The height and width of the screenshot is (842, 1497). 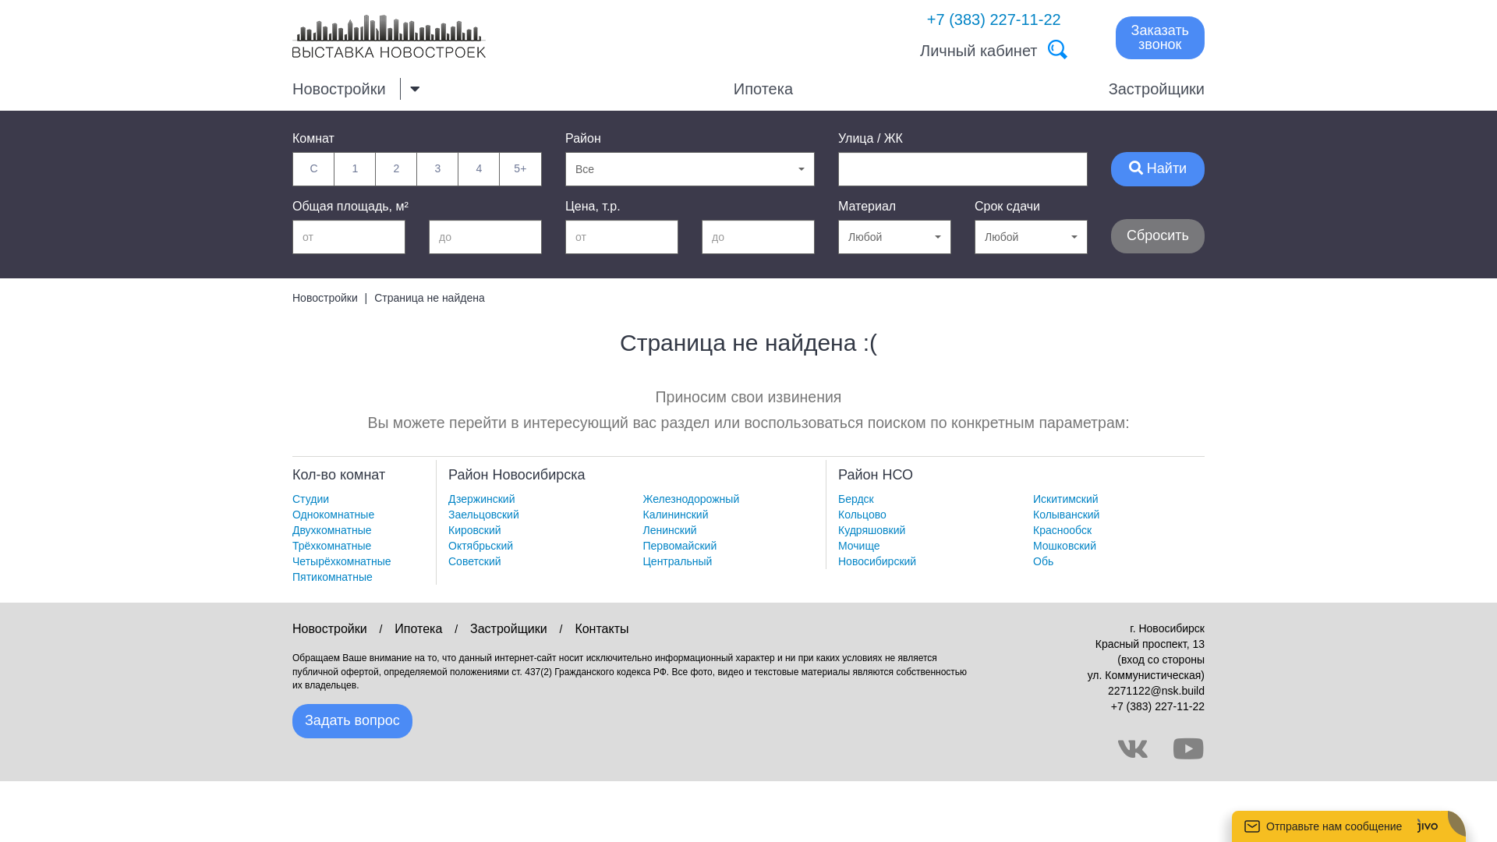 I want to click on '+7 (383) 227-11-22', so click(x=1157, y=706).